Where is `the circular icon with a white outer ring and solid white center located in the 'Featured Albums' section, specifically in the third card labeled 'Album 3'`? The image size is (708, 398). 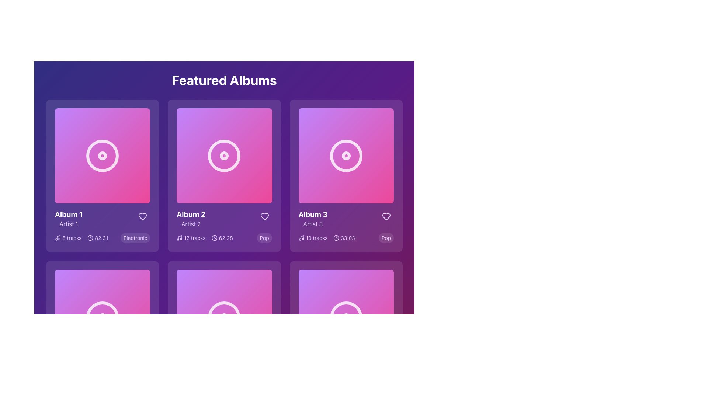 the circular icon with a white outer ring and solid white center located in the 'Featured Albums' section, specifically in the third card labeled 'Album 3' is located at coordinates (346, 156).